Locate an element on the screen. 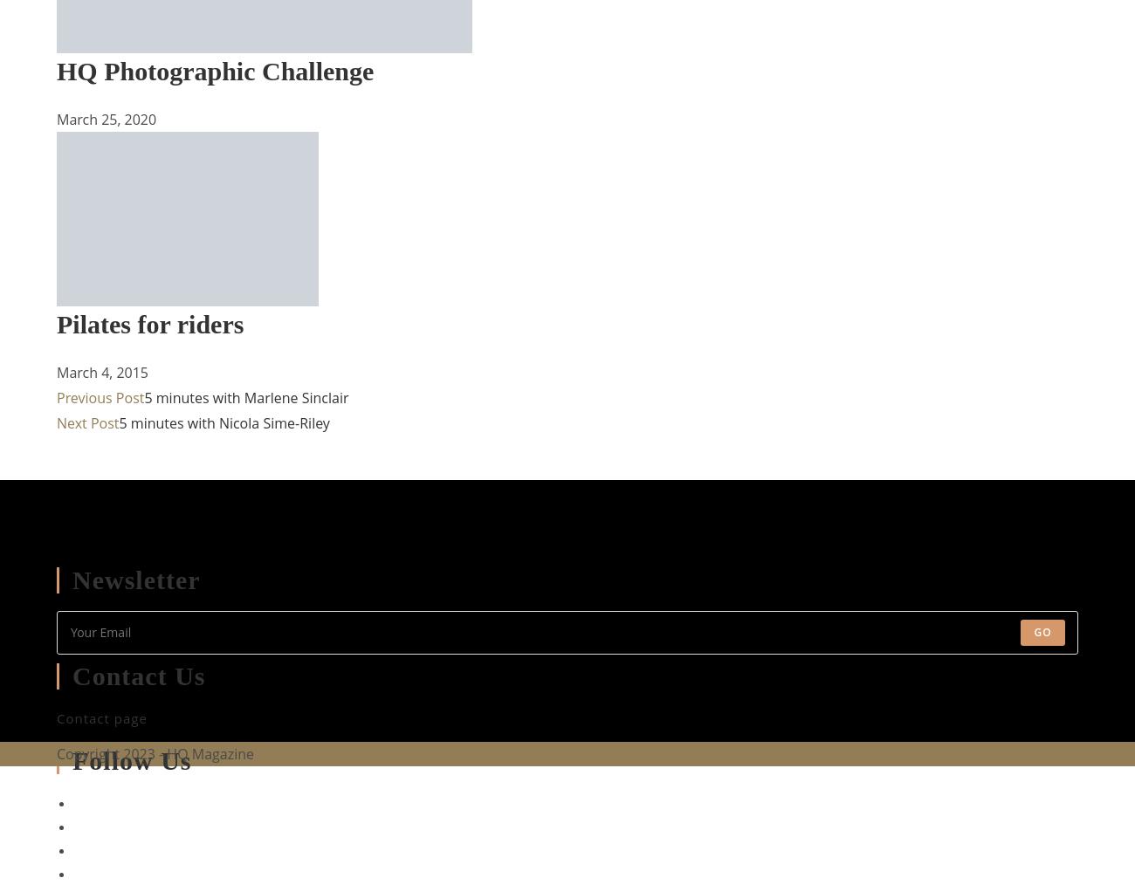 This screenshot has height=885, width=1135. 'Go' is located at coordinates (1042, 630).